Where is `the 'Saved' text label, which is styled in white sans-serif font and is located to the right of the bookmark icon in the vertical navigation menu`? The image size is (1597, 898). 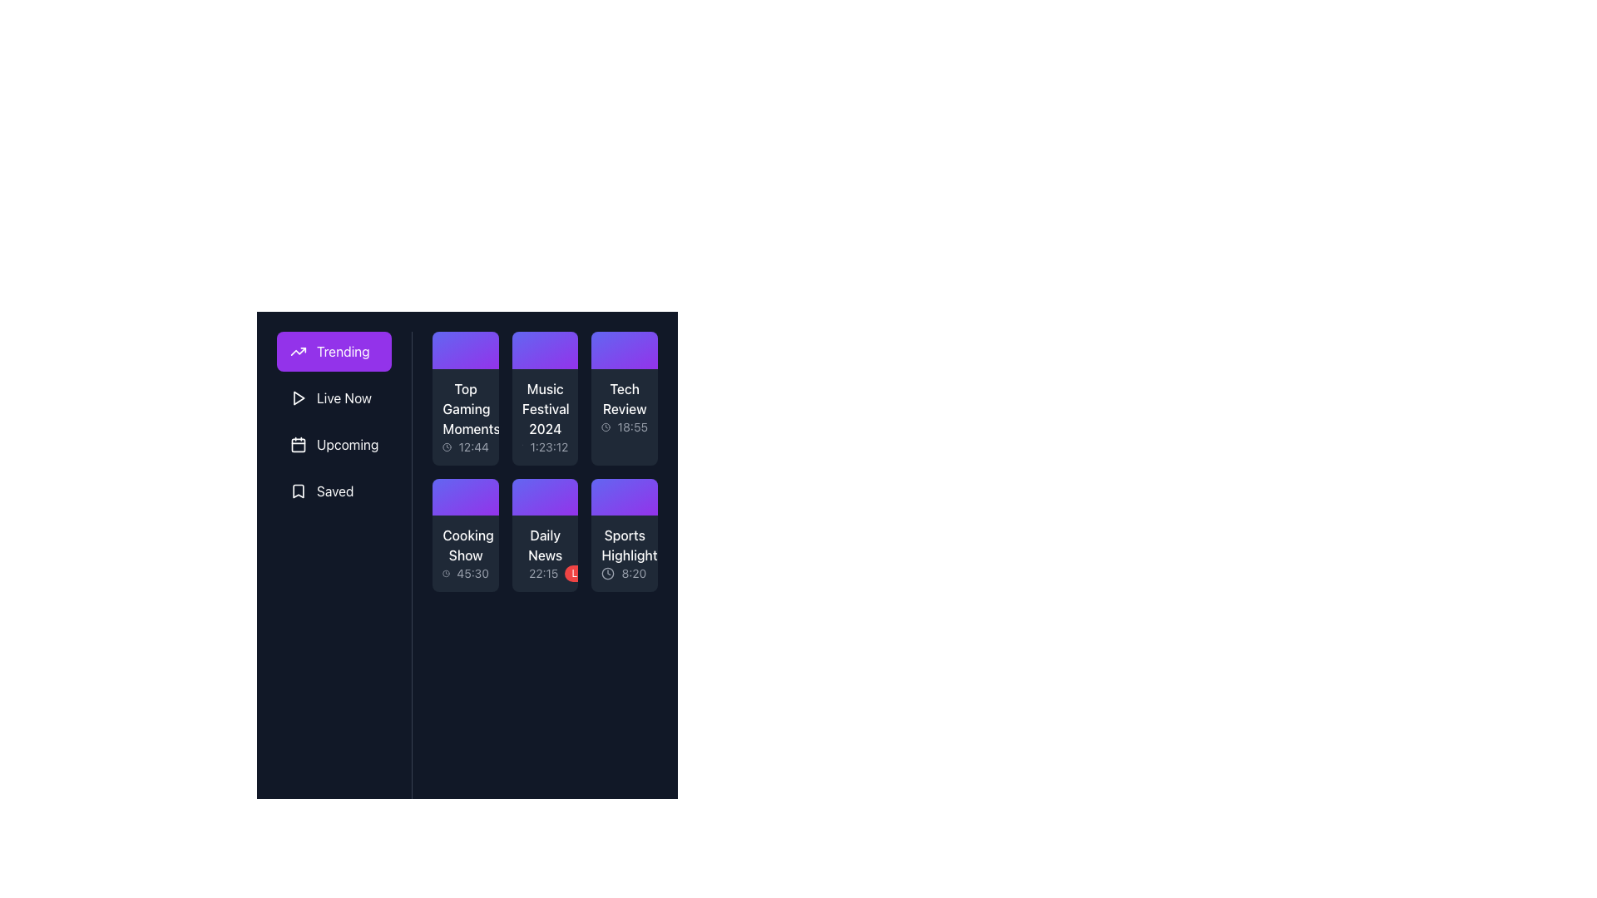
the 'Saved' text label, which is styled in white sans-serif font and is located to the right of the bookmark icon in the vertical navigation menu is located at coordinates (334, 490).